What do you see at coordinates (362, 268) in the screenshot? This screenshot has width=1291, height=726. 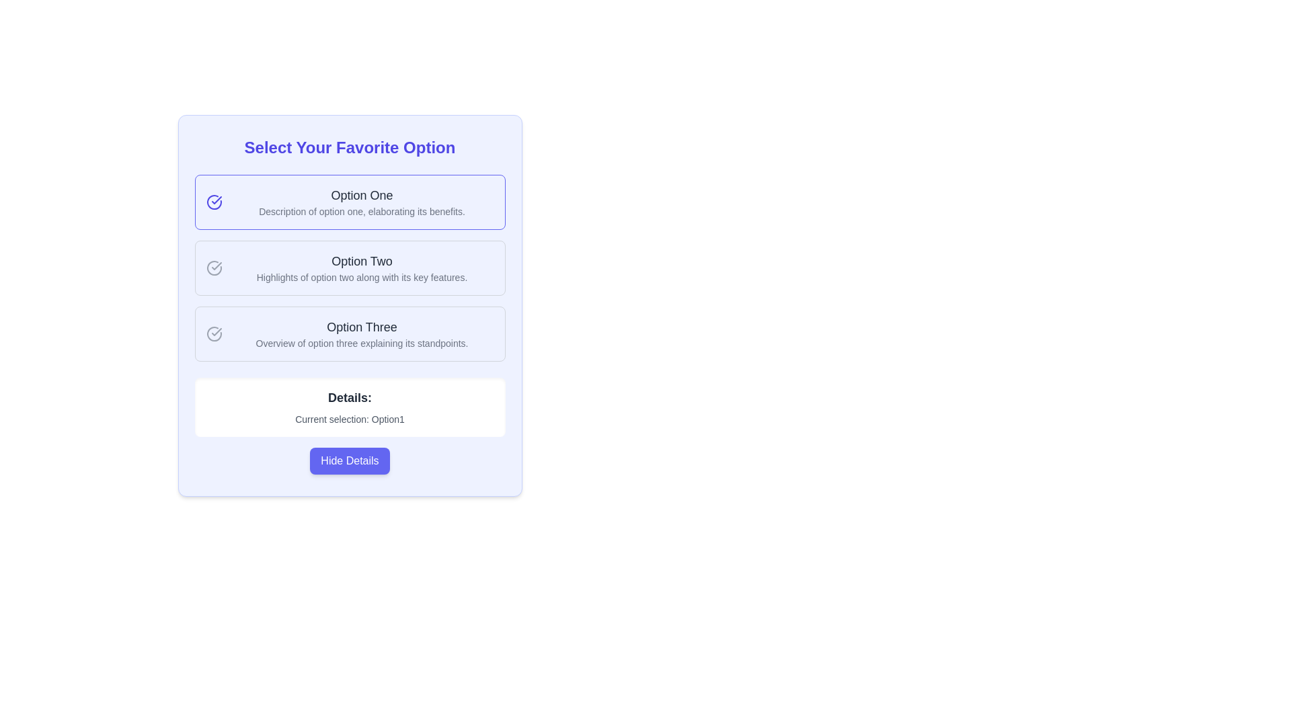 I see `the text display area of the second selectable option in the radio button group` at bounding box center [362, 268].